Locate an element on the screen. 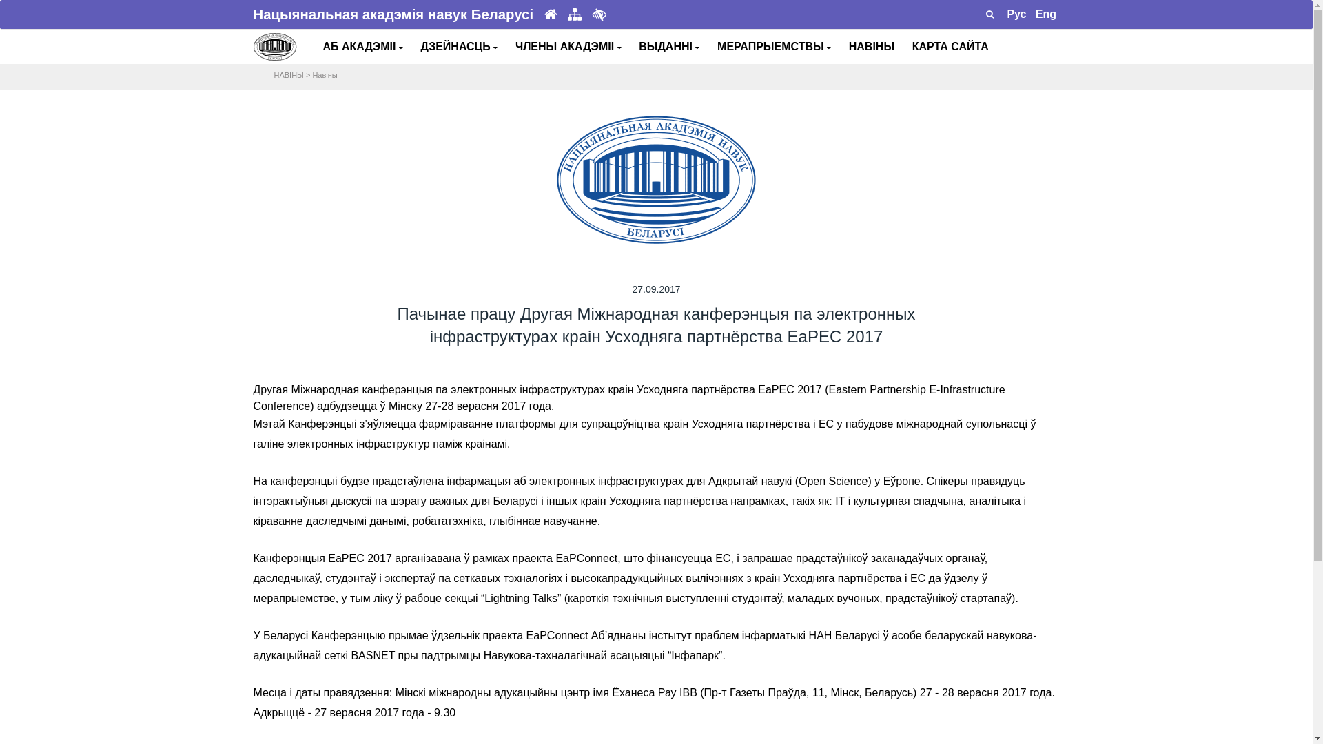 This screenshot has height=744, width=1323. ' Eng ' is located at coordinates (1045, 14).